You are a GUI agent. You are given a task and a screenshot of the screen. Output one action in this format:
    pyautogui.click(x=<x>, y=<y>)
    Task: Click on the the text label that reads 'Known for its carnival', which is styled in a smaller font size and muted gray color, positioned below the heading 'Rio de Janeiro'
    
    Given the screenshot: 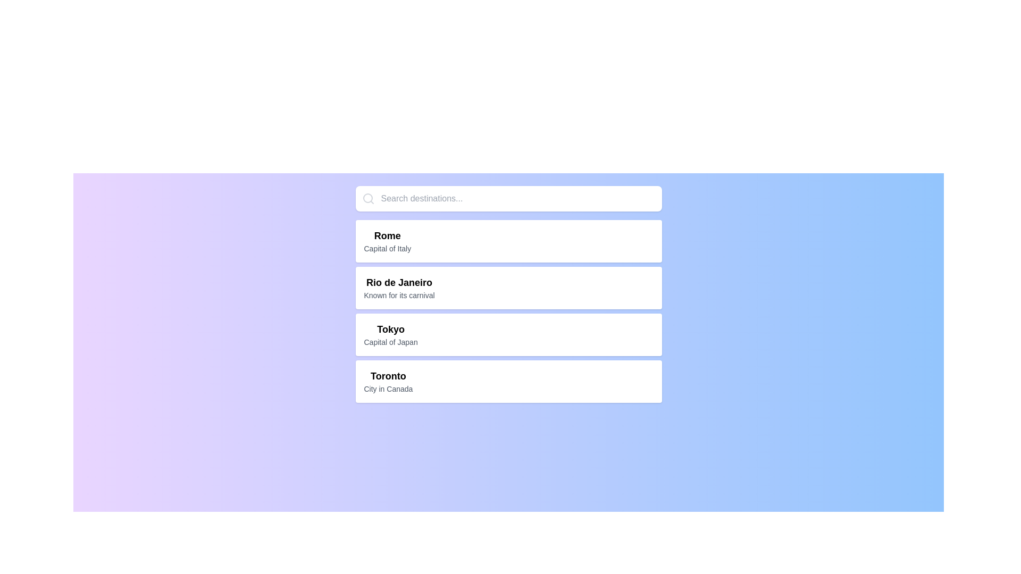 What is the action you would take?
    pyautogui.click(x=399, y=295)
    